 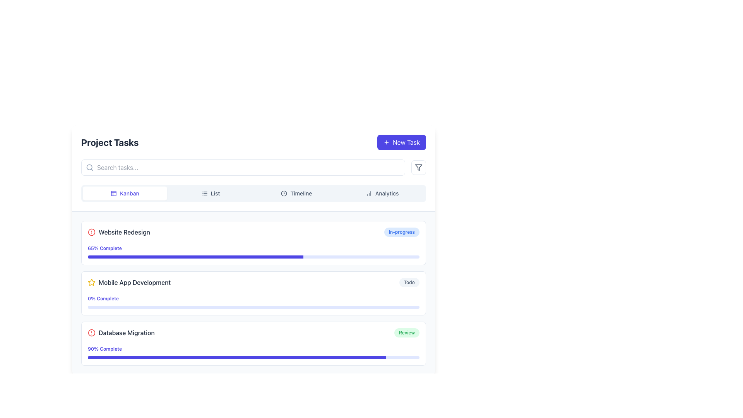 I want to click on text label displaying the title of the task 'Database Migration,' located in the bottom box of three task entries, specifically in the row labeled '90% Complete,' to the right of a red circular alert icon, so click(x=127, y=332).